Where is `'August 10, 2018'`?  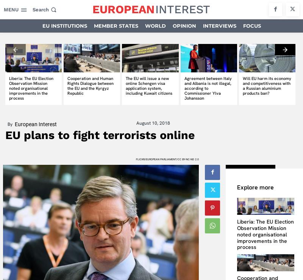 'August 10, 2018' is located at coordinates (153, 122).